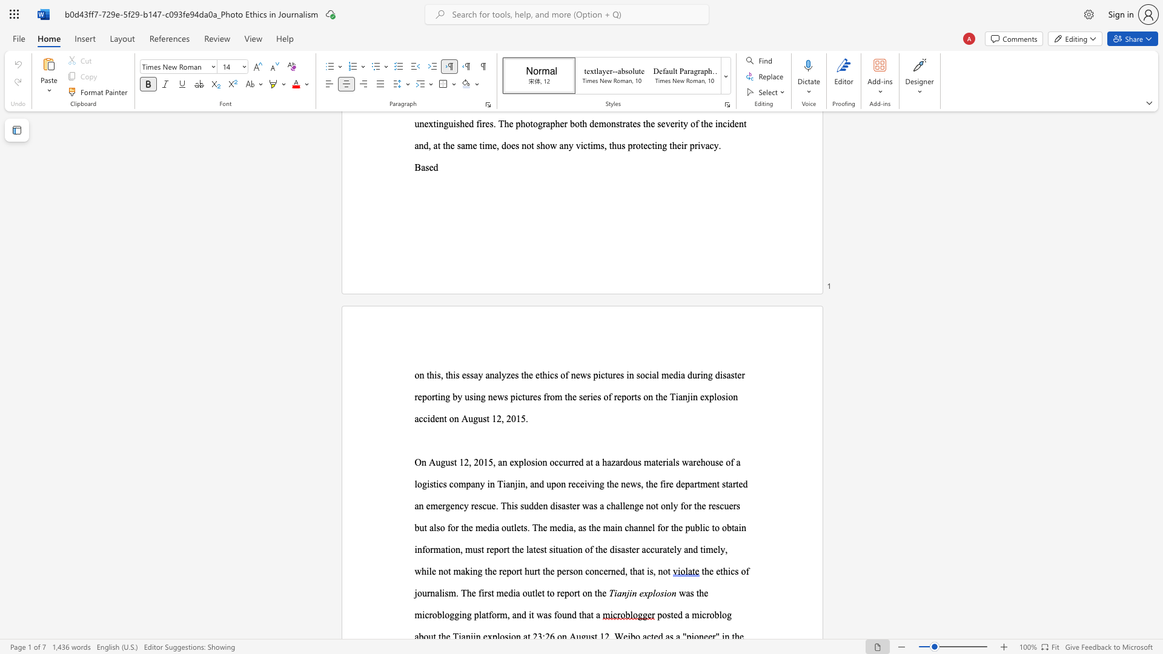 The width and height of the screenshot is (1163, 654). I want to click on the subset text "istic" within the text "a logistics", so click(427, 483).